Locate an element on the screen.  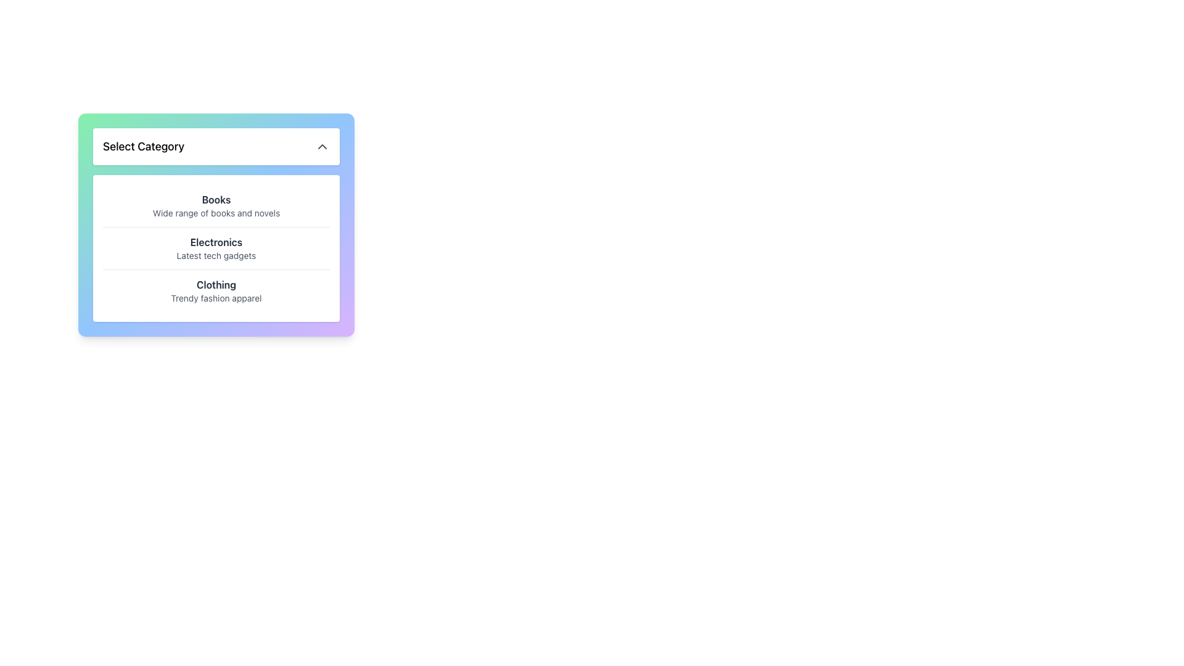
the Dropdown menu with a gradient background located below the title 'Select Category' is located at coordinates (216, 225).